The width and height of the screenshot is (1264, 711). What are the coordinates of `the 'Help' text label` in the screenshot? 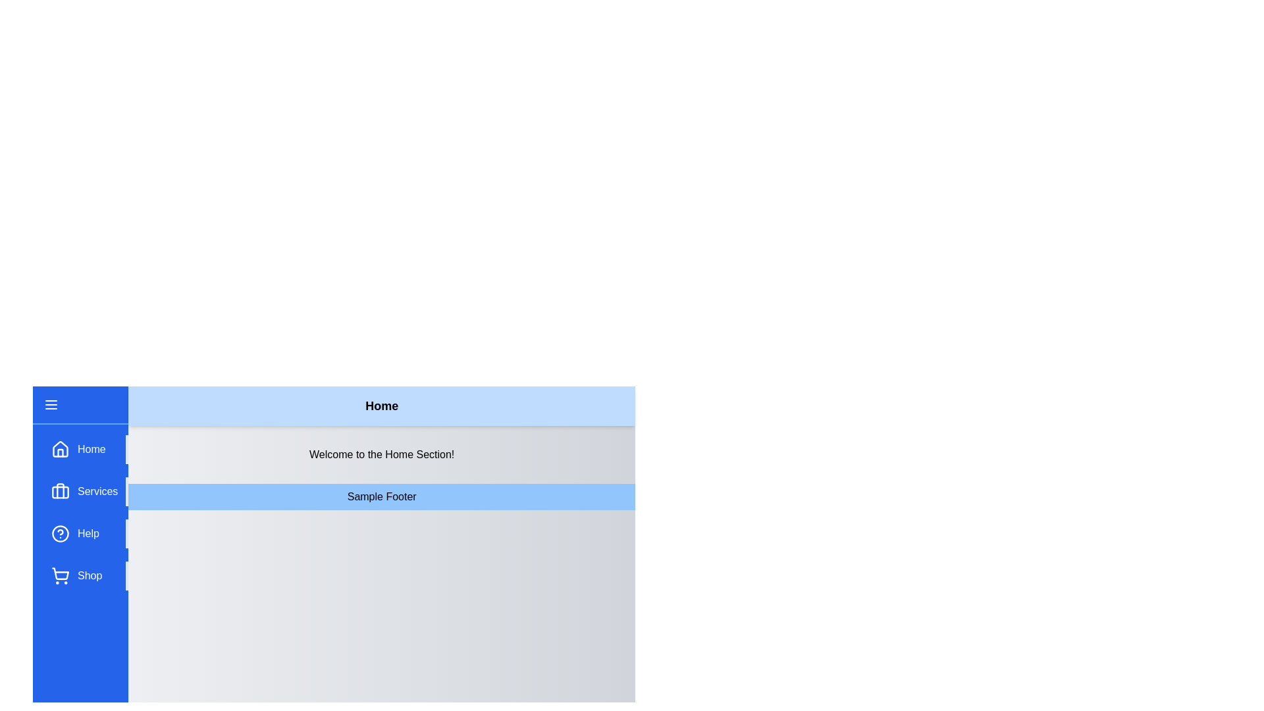 It's located at (88, 533).